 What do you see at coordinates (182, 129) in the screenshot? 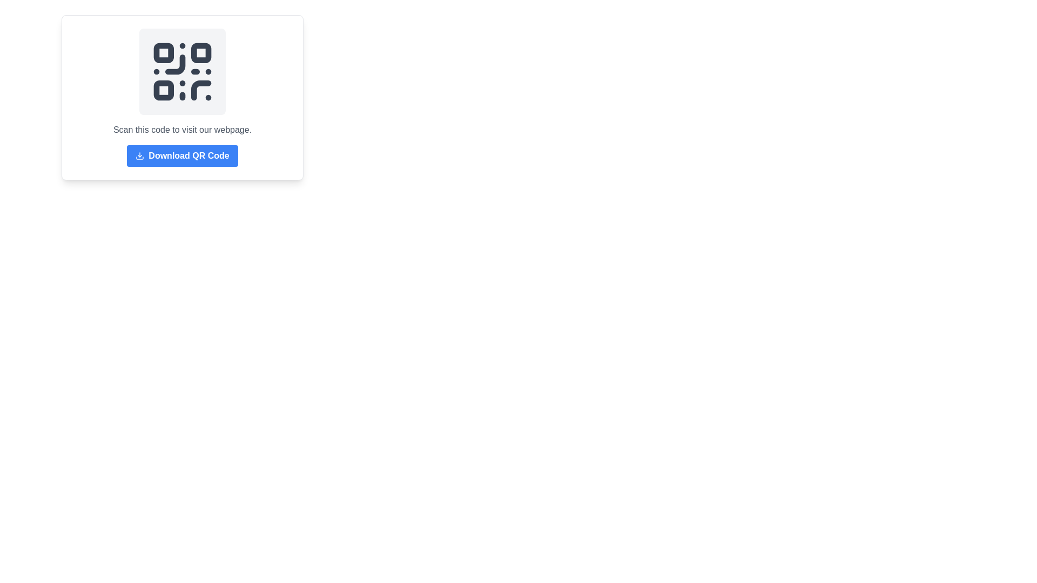
I see `the Text label that provides instructions related to the QR code, positioned below the QR code image and above the 'Download QR Code' button` at bounding box center [182, 129].